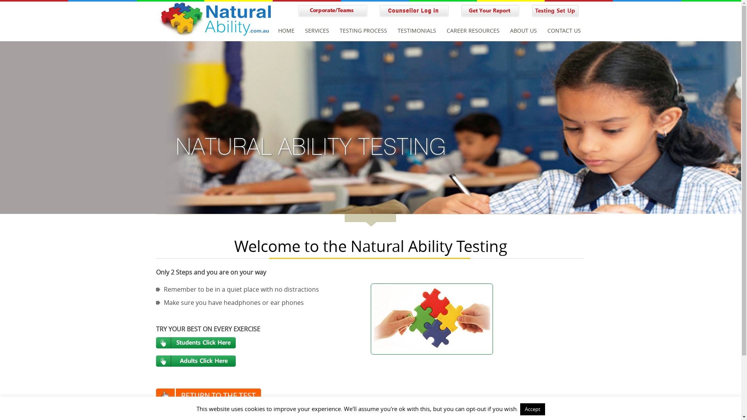 The width and height of the screenshot is (747, 420). What do you see at coordinates (393, 30) in the screenshot?
I see `'TESTIMONIALS'` at bounding box center [393, 30].